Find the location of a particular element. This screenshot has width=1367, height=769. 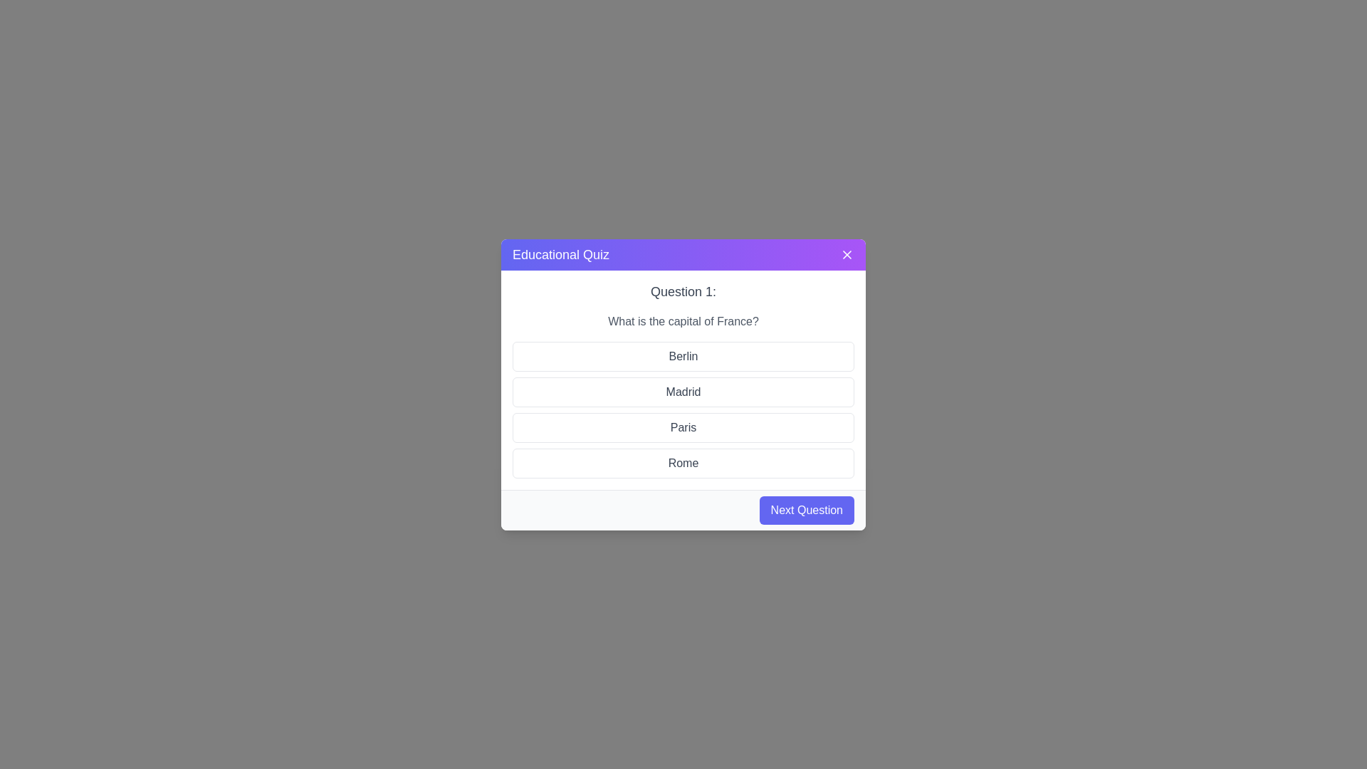

one of the answer options in the quiz section labeled 'Question 1:' is located at coordinates (683, 379).